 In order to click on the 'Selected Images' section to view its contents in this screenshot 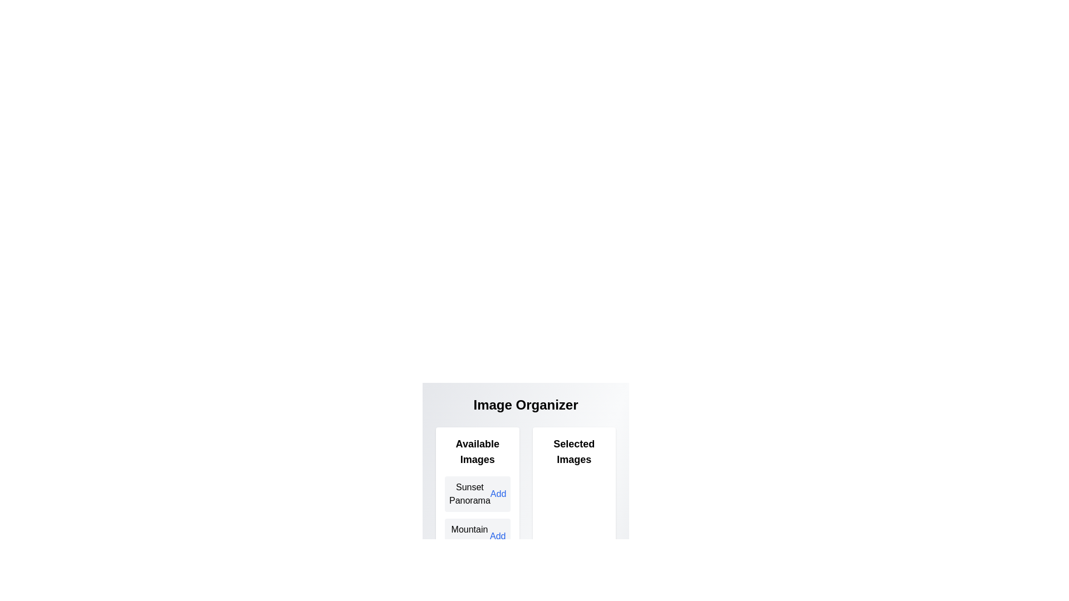, I will do `click(574, 452)`.